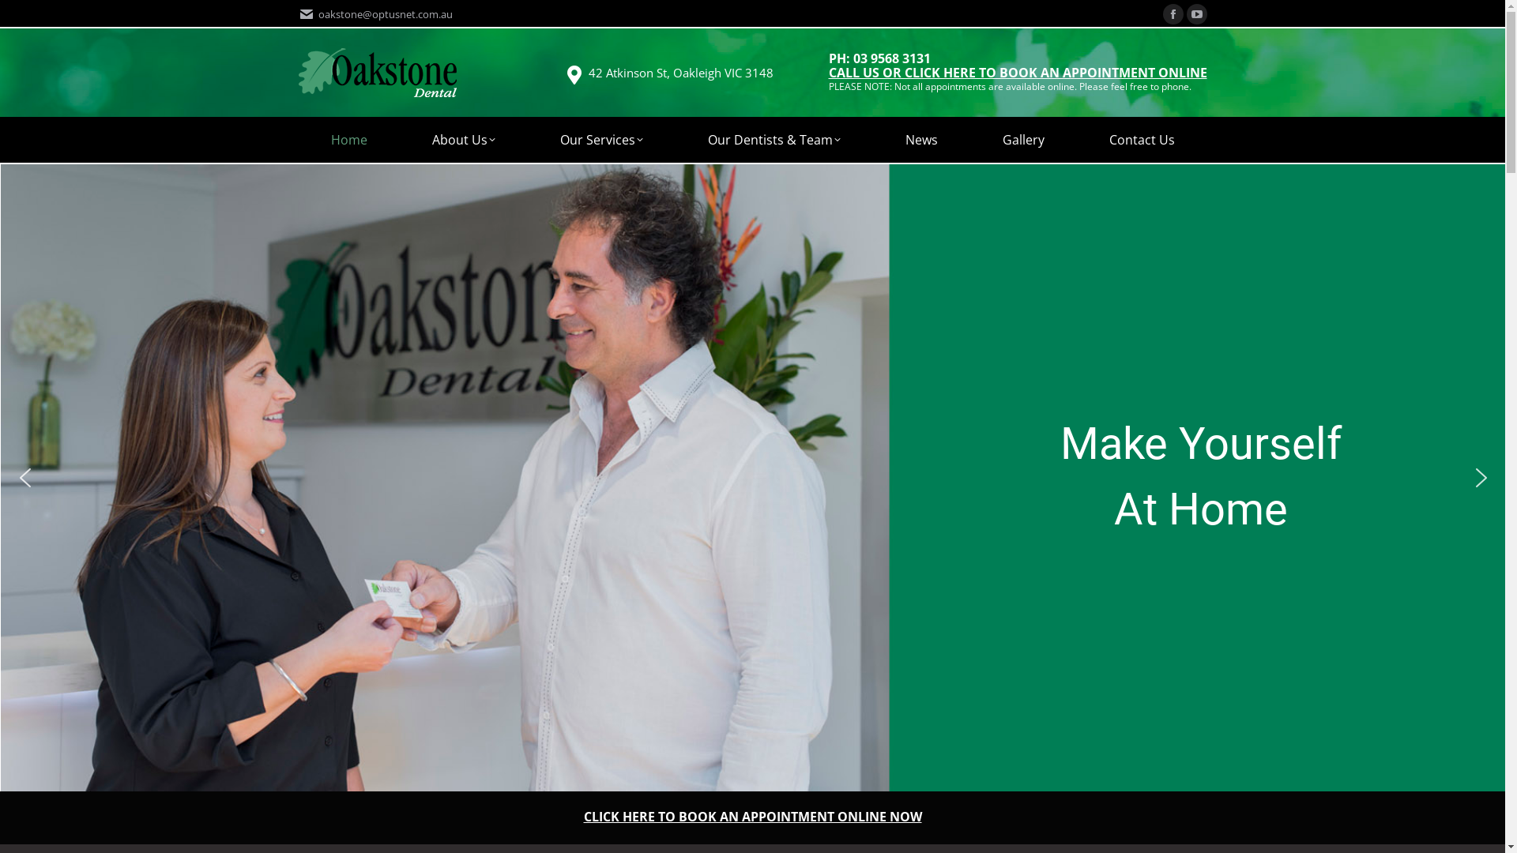 The height and width of the screenshot is (853, 1517). I want to click on 'Contact Us', so click(1141, 139).